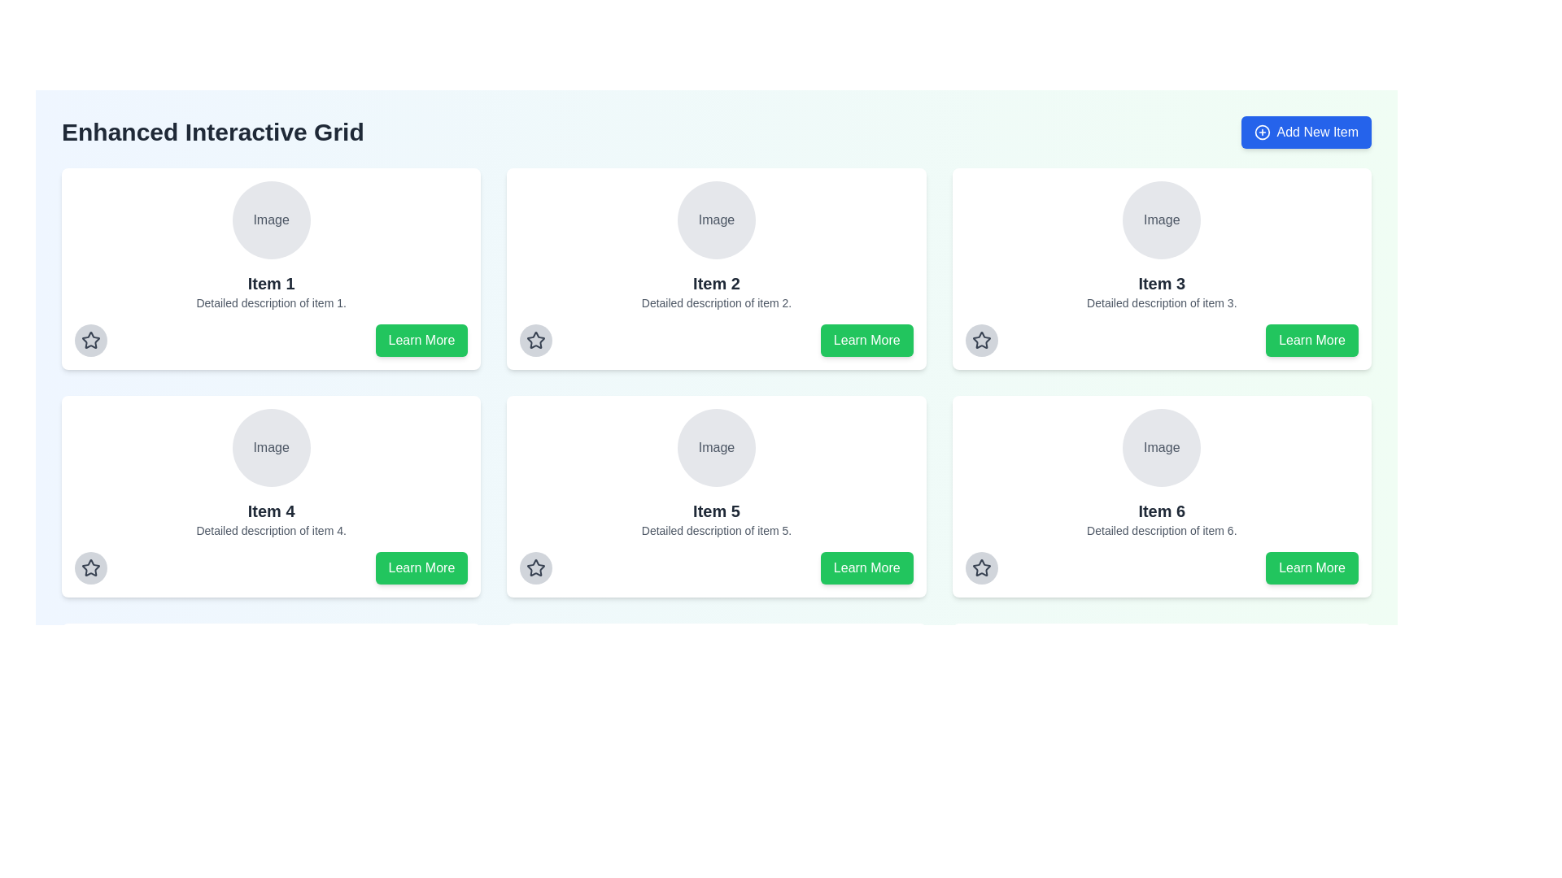 This screenshot has width=1562, height=878. What do you see at coordinates (271, 530) in the screenshot?
I see `the text label styled in light gray that contains the text 'Detailed description of item 4.' located at the bottom of the fourth card in the grid layout` at bounding box center [271, 530].